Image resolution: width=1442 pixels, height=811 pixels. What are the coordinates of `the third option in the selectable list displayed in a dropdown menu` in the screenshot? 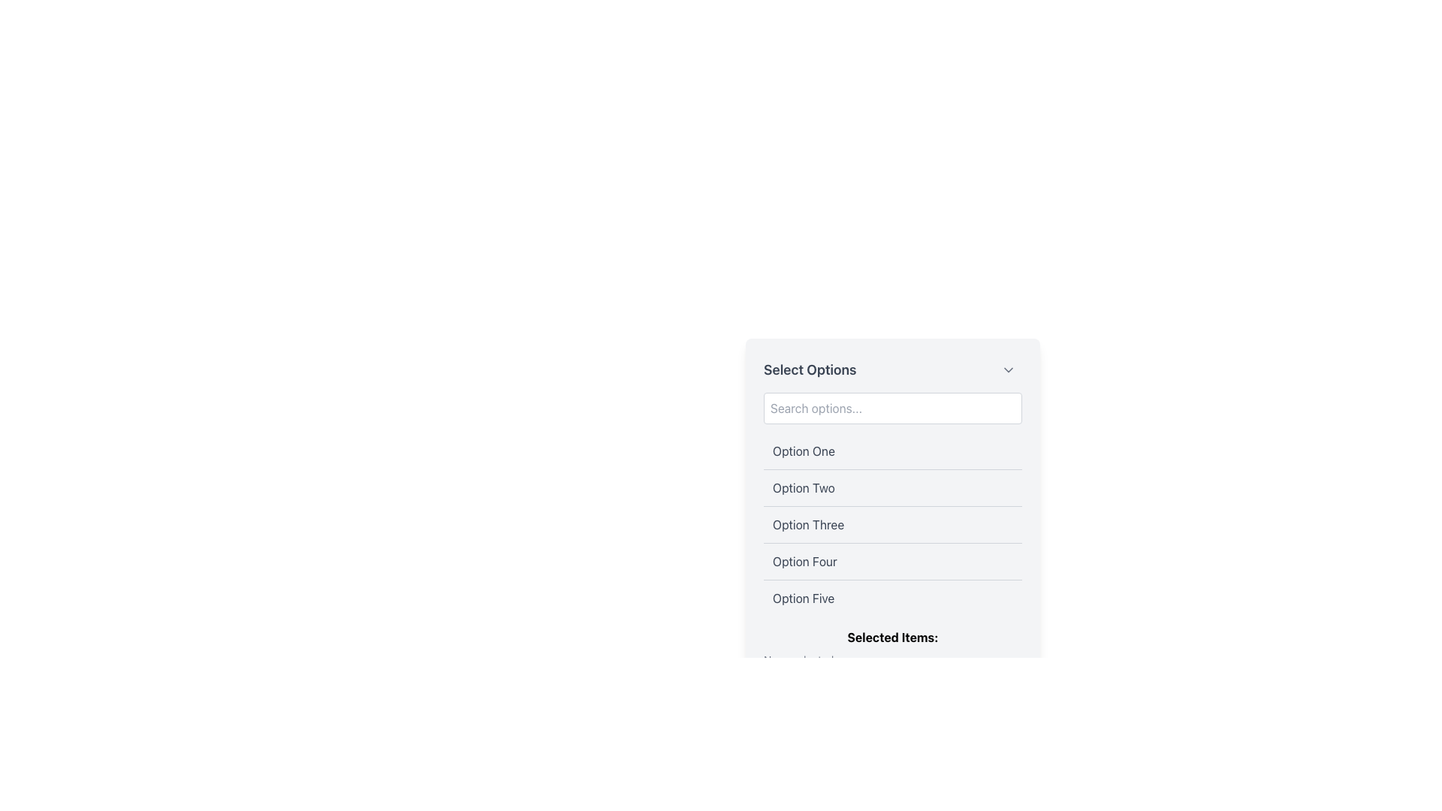 It's located at (893, 523).